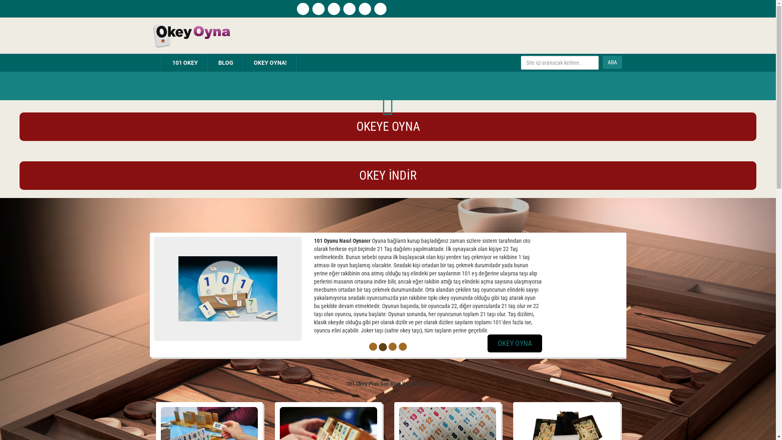 This screenshot has width=782, height=440. I want to click on 'Instagram'da Bizi Takip Et', so click(334, 9).